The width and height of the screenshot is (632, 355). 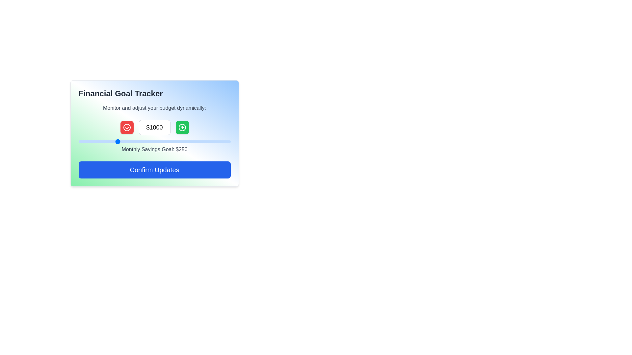 What do you see at coordinates (83, 141) in the screenshot?
I see `the monthly savings goal` at bounding box center [83, 141].